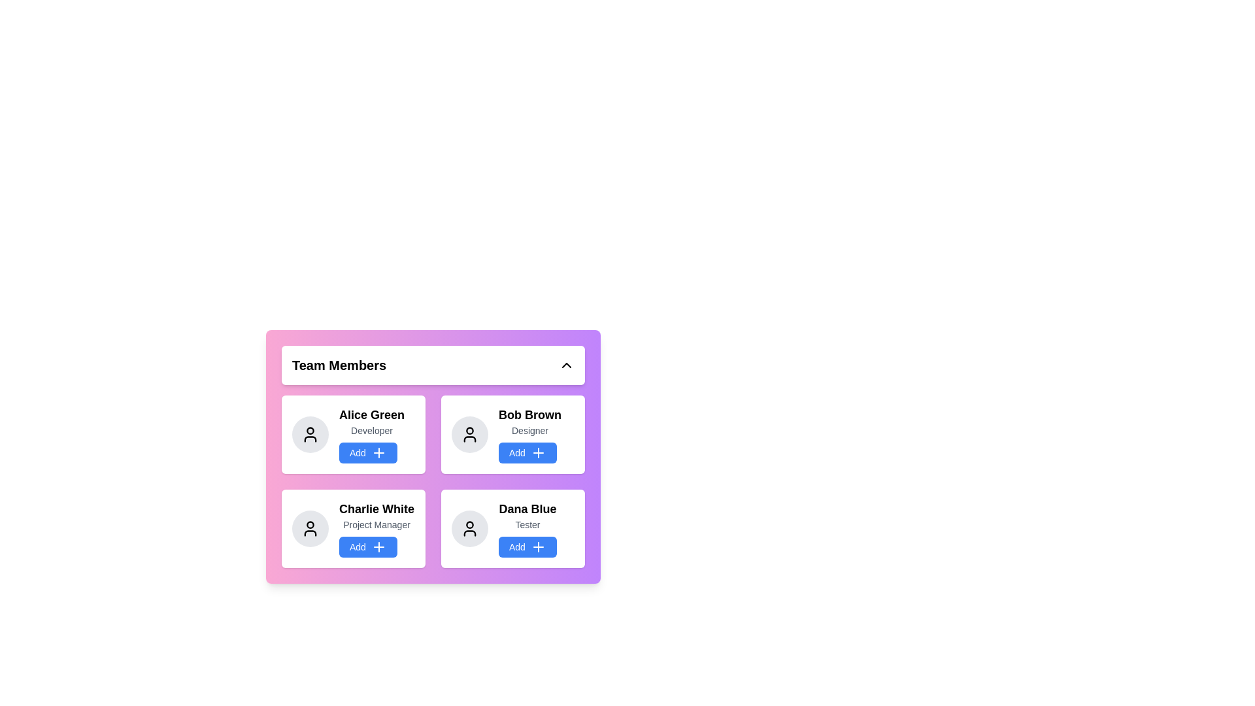  Describe the element at coordinates (530, 434) in the screenshot. I see `the 'Add' button on the card for team member 'Bob Brown,' who is a 'Designer.' This card is located in the top-right of the grid layout` at that location.